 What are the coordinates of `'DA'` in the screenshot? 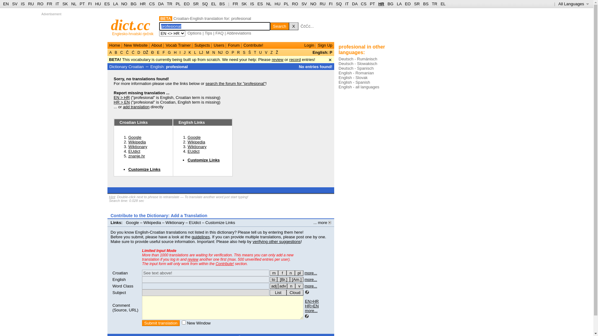 It's located at (354, 4).